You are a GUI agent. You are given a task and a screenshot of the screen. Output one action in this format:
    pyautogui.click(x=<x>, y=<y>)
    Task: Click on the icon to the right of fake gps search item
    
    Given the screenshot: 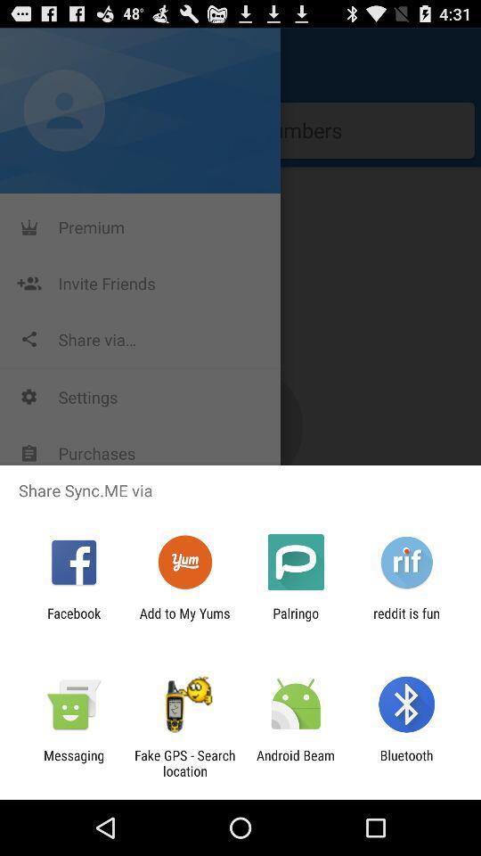 What is the action you would take?
    pyautogui.click(x=296, y=762)
    